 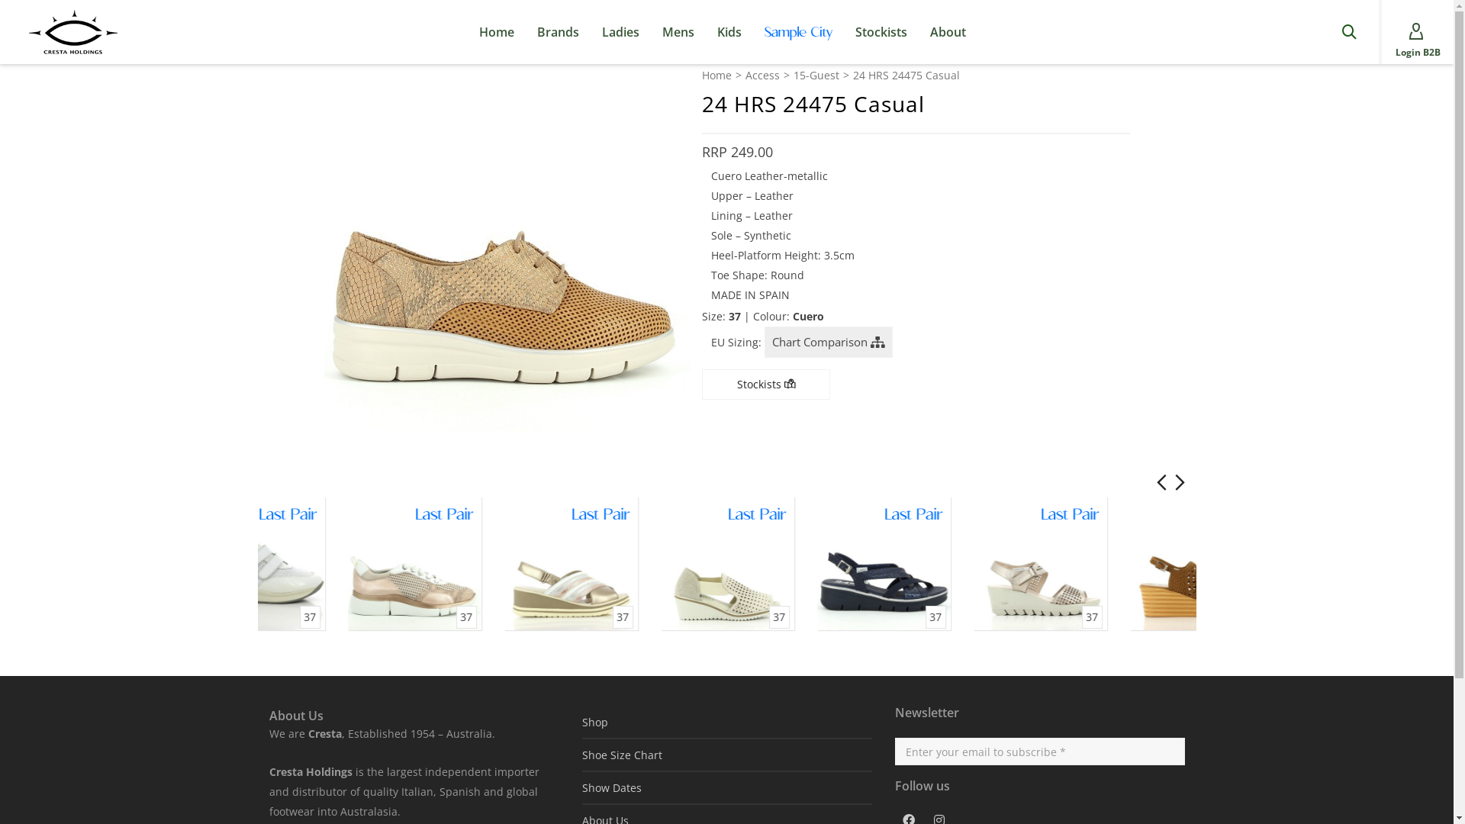 What do you see at coordinates (744, 76) in the screenshot?
I see `'Access'` at bounding box center [744, 76].